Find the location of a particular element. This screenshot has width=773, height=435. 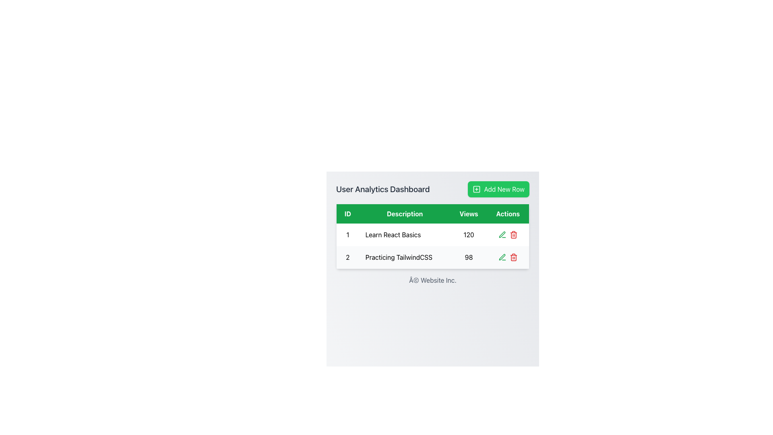

the small red trash bin icon in the Actions column is located at coordinates (513, 257).